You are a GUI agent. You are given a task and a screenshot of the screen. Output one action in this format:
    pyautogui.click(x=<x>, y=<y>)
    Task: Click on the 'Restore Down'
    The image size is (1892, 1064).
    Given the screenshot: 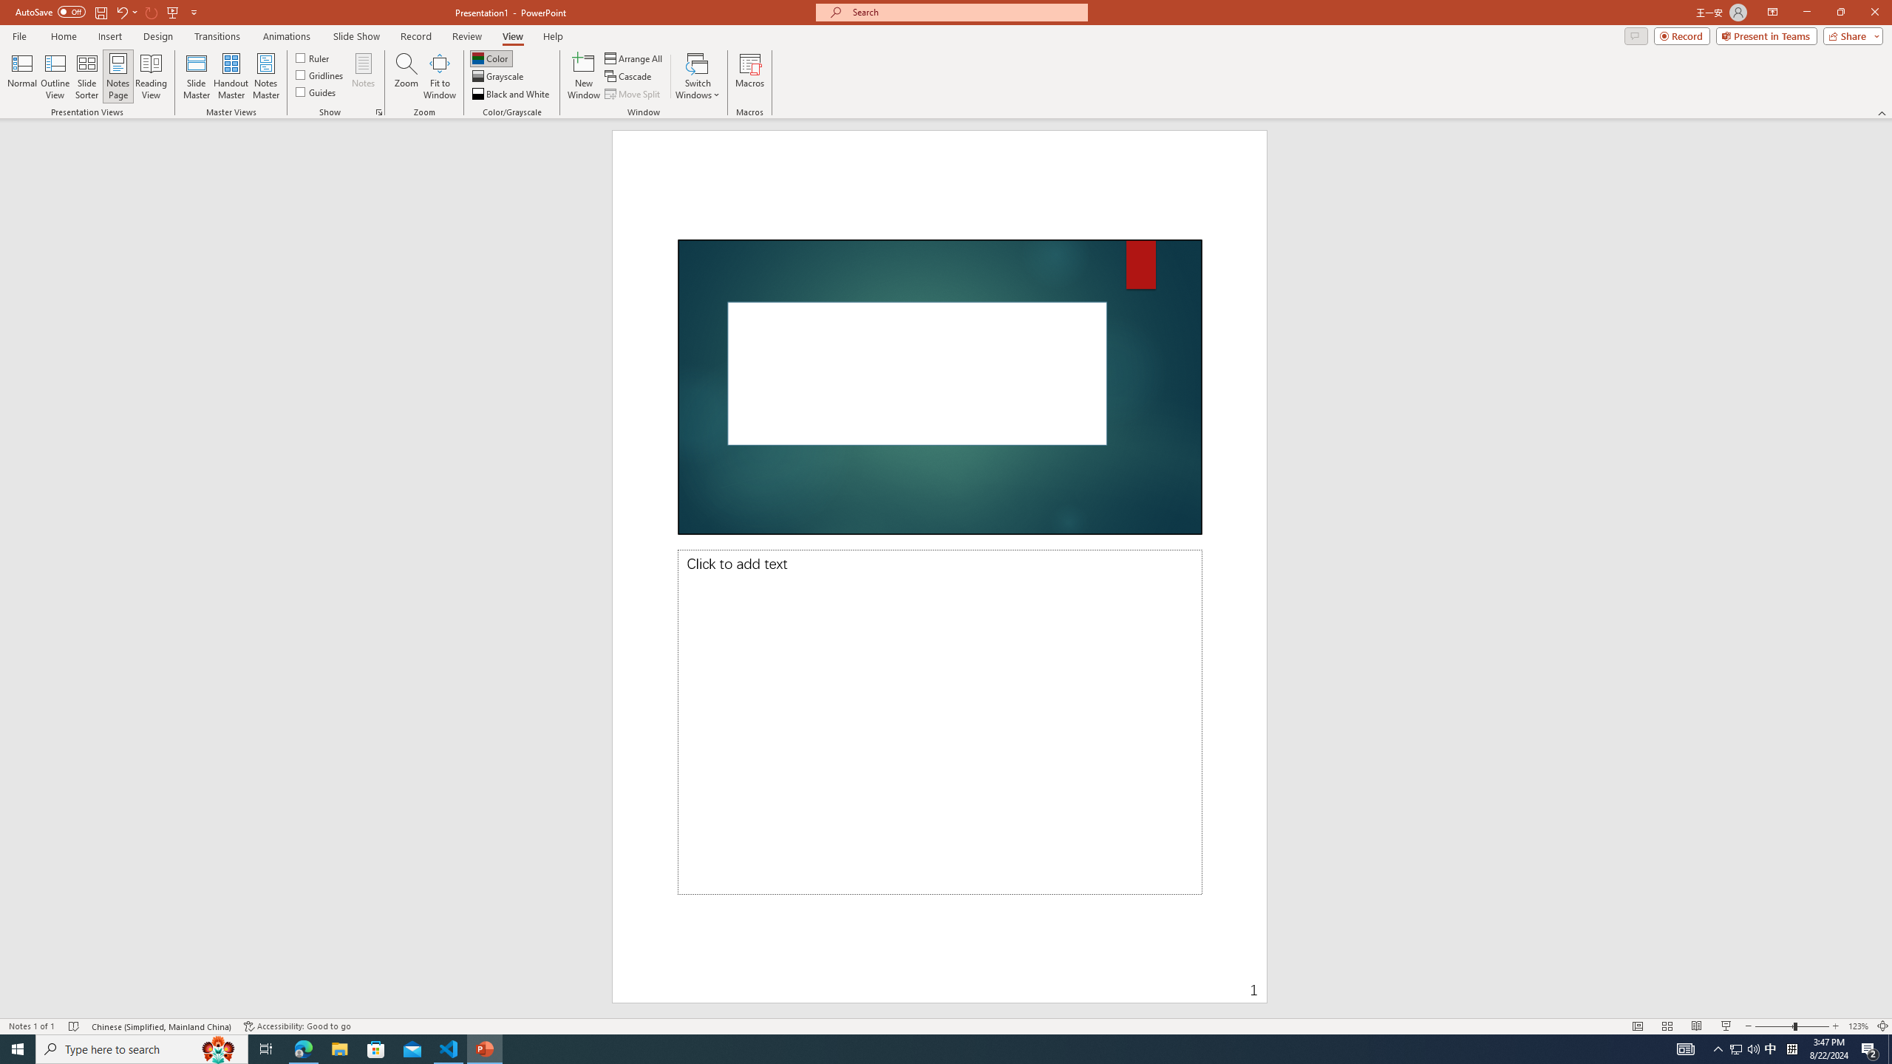 What is the action you would take?
    pyautogui.click(x=1840, y=12)
    